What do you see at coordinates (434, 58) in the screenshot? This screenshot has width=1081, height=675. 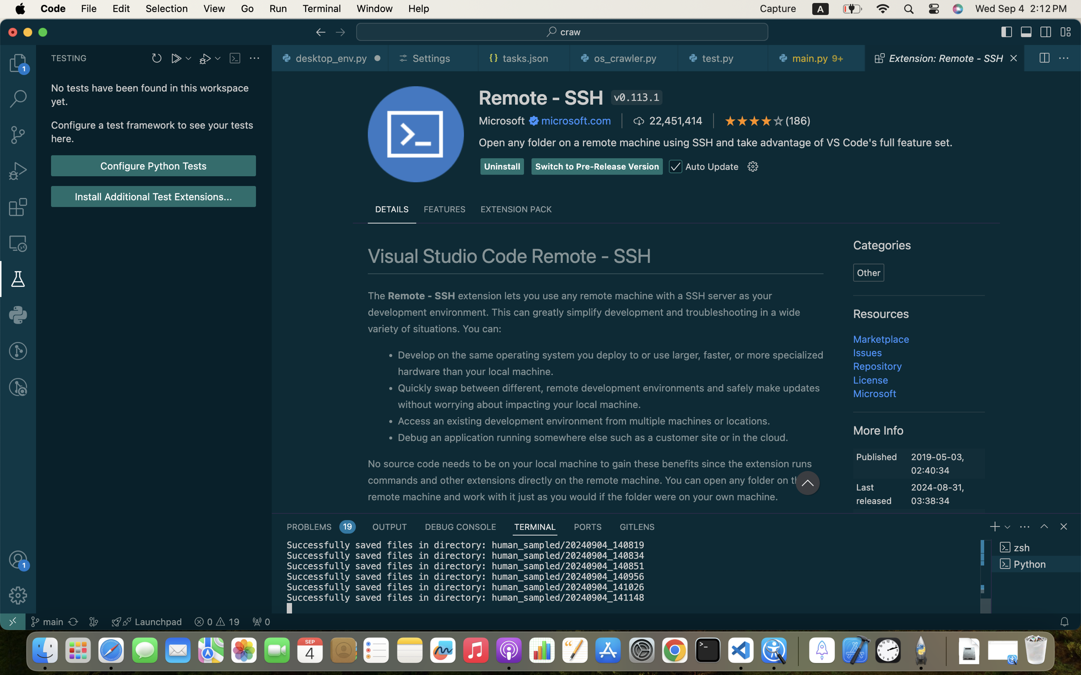 I see `'0 Settings  '` at bounding box center [434, 58].